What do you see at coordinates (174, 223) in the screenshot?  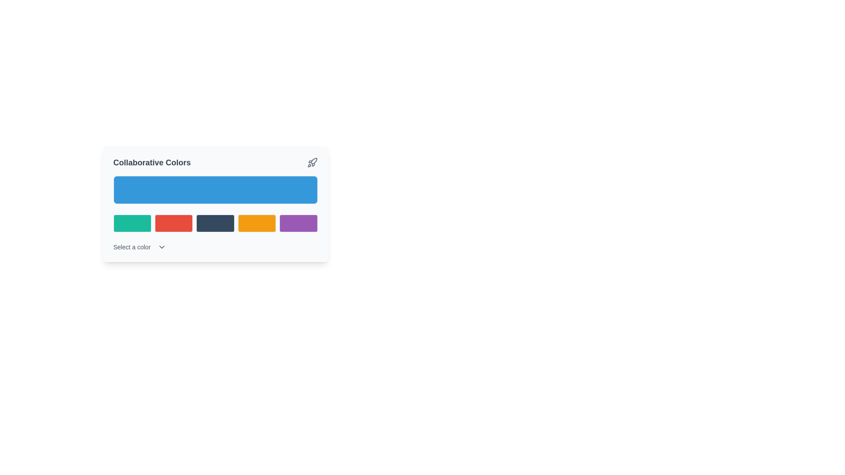 I see `the second button with a solid red fill located below the title 'Collaborative Colors'` at bounding box center [174, 223].